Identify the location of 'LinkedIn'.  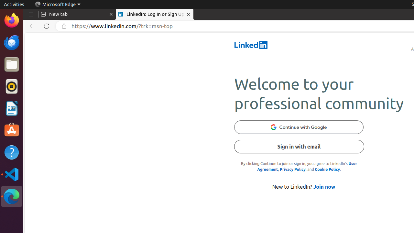
(250, 45).